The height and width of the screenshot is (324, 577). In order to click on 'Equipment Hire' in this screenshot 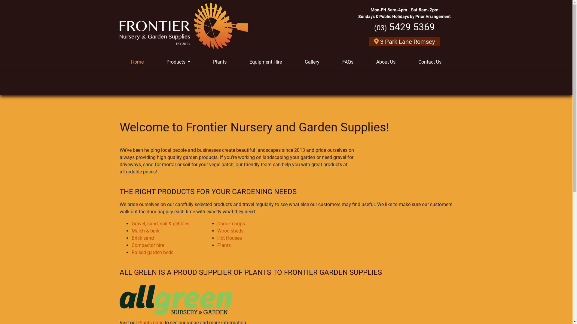, I will do `click(238, 62)`.